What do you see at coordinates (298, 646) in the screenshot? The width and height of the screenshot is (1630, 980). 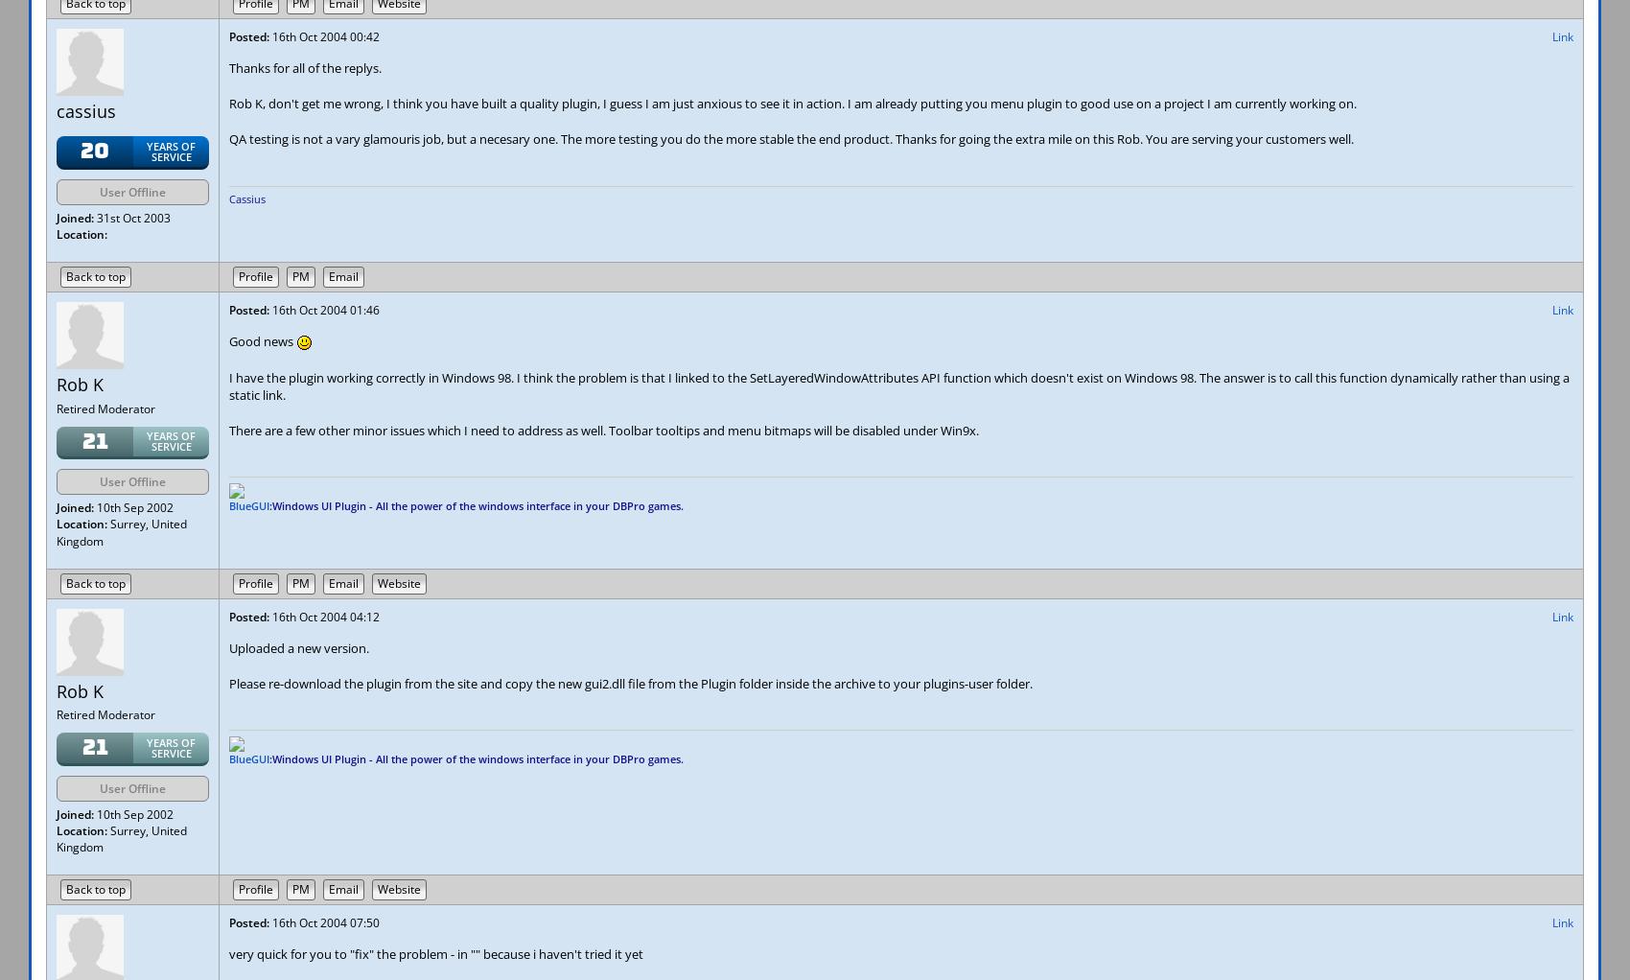 I see `'Uploaded a new version.'` at bounding box center [298, 646].